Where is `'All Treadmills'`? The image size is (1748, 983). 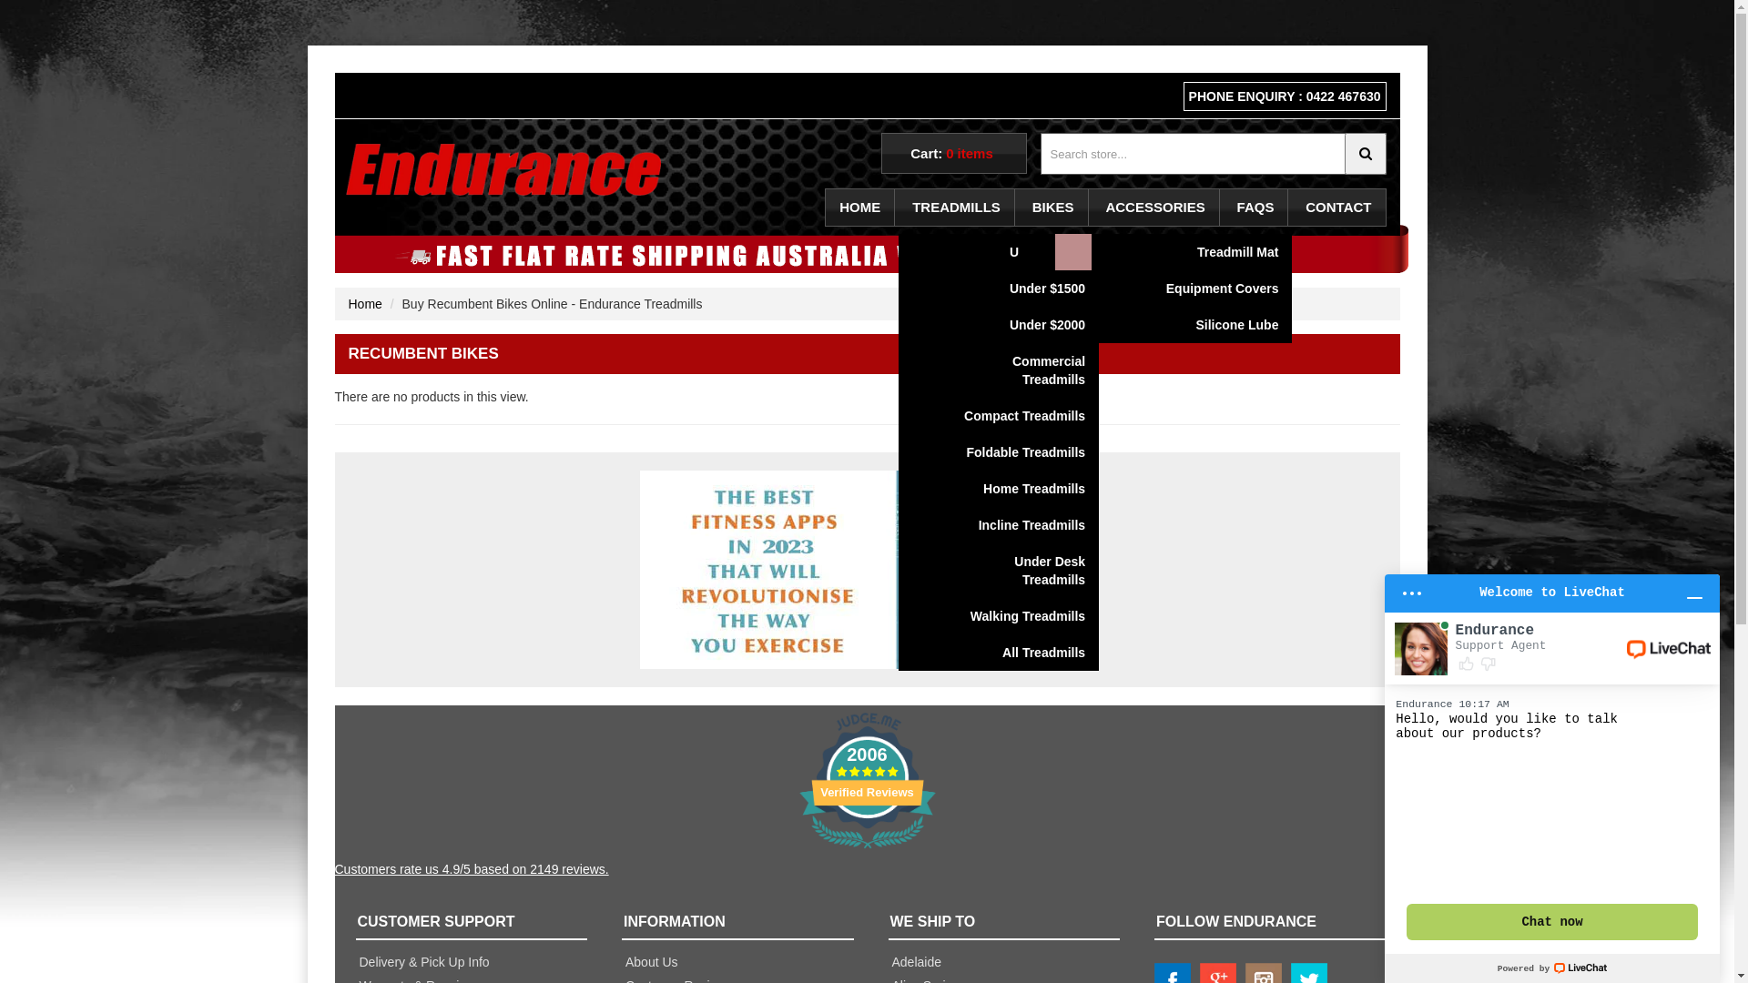 'All Treadmills' is located at coordinates (1016, 652).